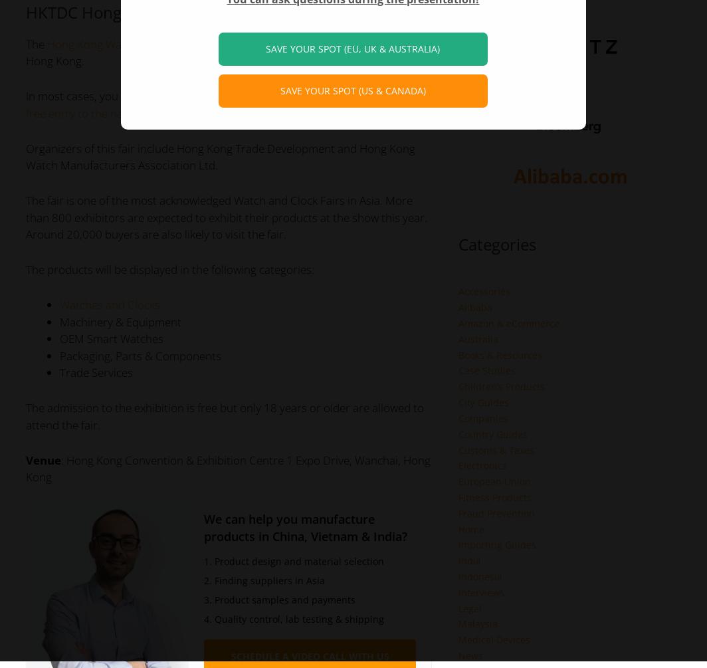  I want to click on 'Cookie Settings', so click(272, 33).